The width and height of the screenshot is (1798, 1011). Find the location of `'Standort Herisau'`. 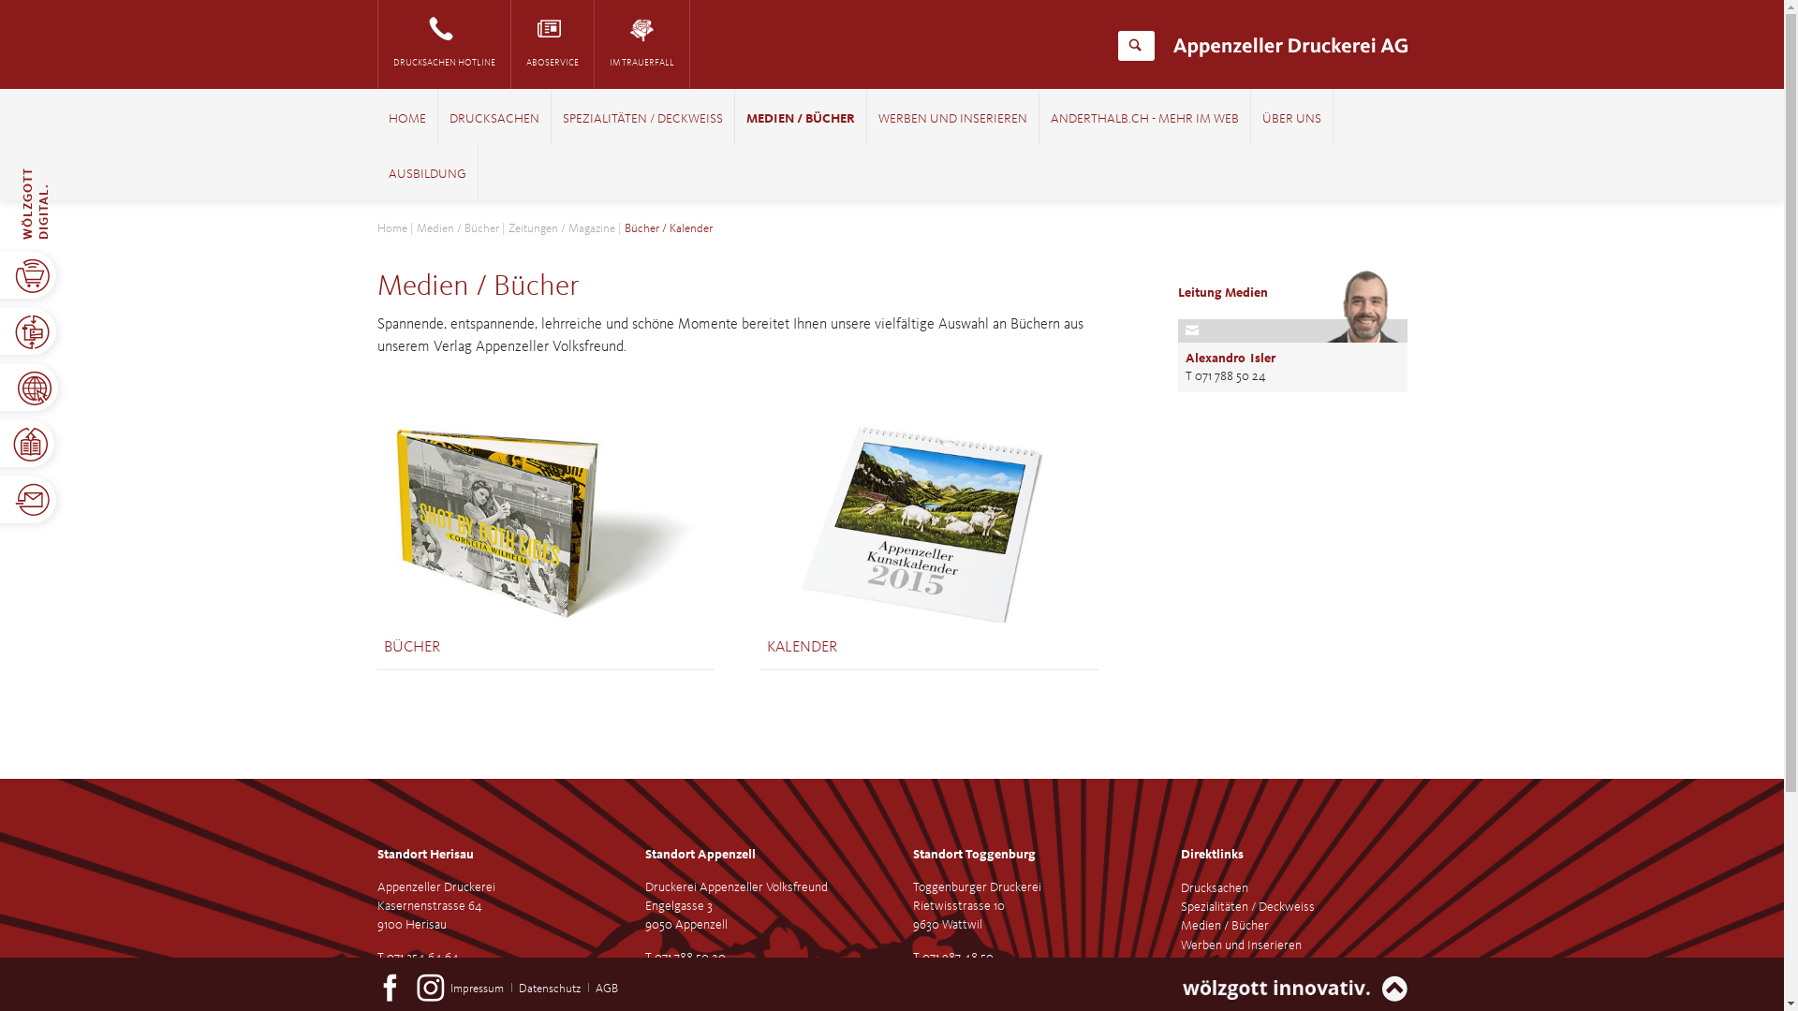

'Standort Herisau' is located at coordinates (423, 855).